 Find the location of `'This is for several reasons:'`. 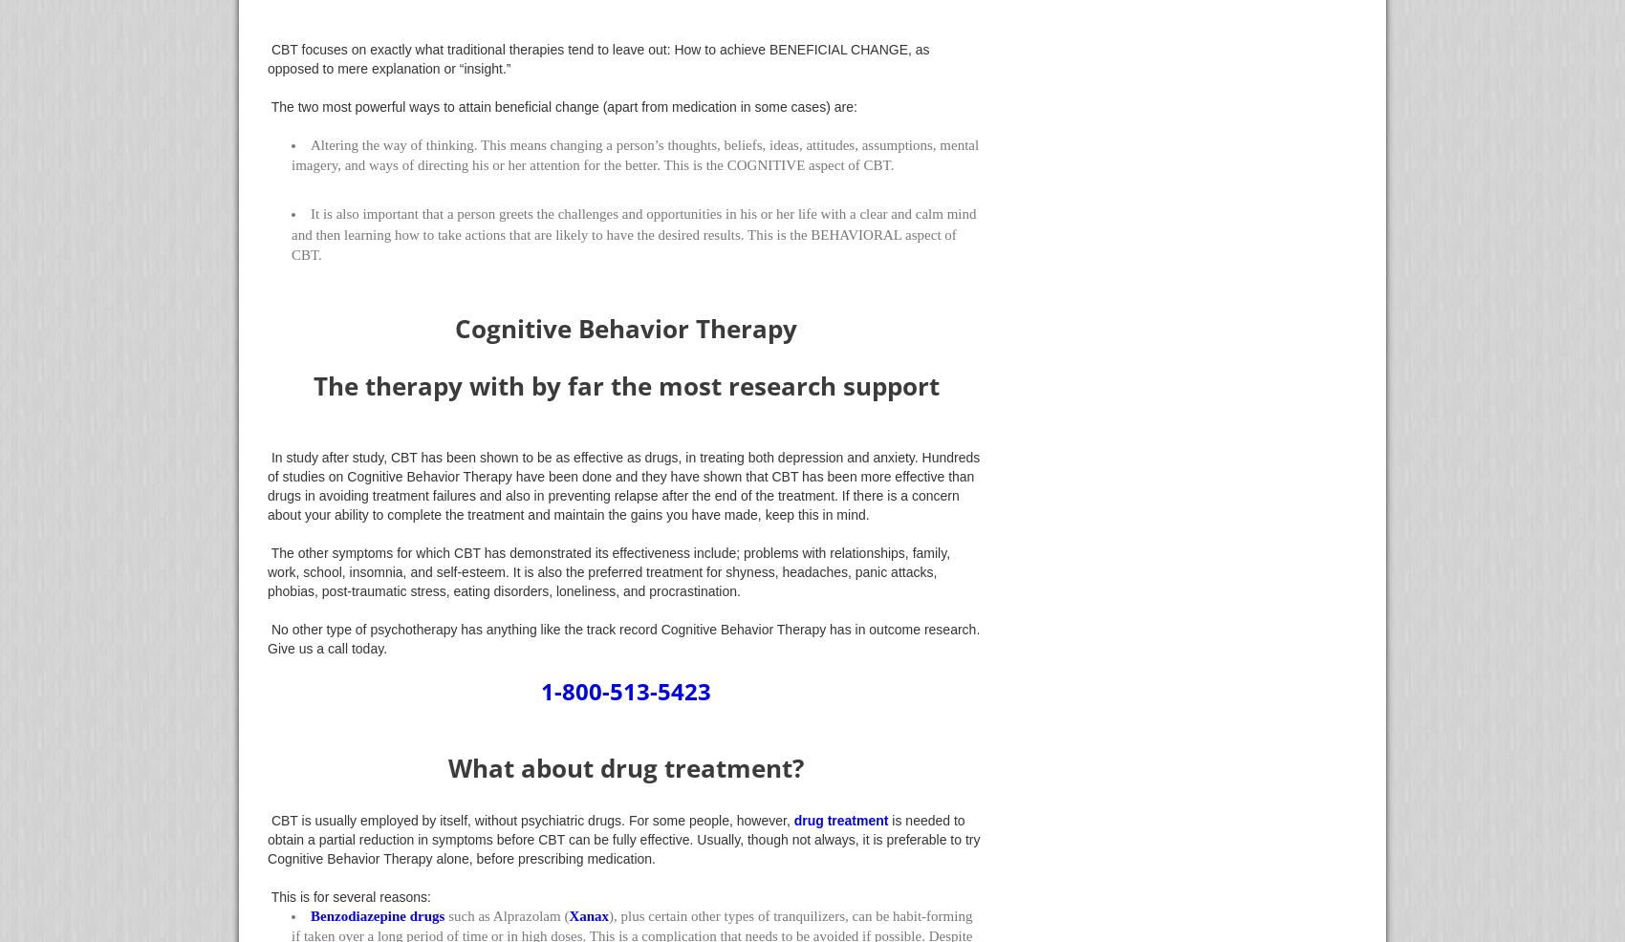

'This is for several reasons:' is located at coordinates (267, 895).